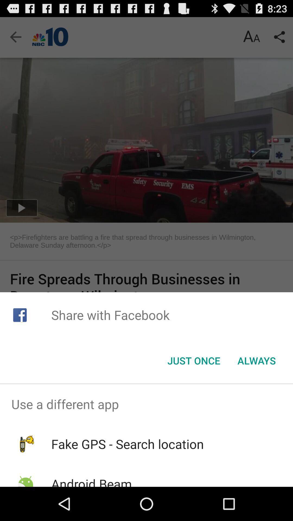 The width and height of the screenshot is (293, 521). What do you see at coordinates (256, 361) in the screenshot?
I see `always item` at bounding box center [256, 361].